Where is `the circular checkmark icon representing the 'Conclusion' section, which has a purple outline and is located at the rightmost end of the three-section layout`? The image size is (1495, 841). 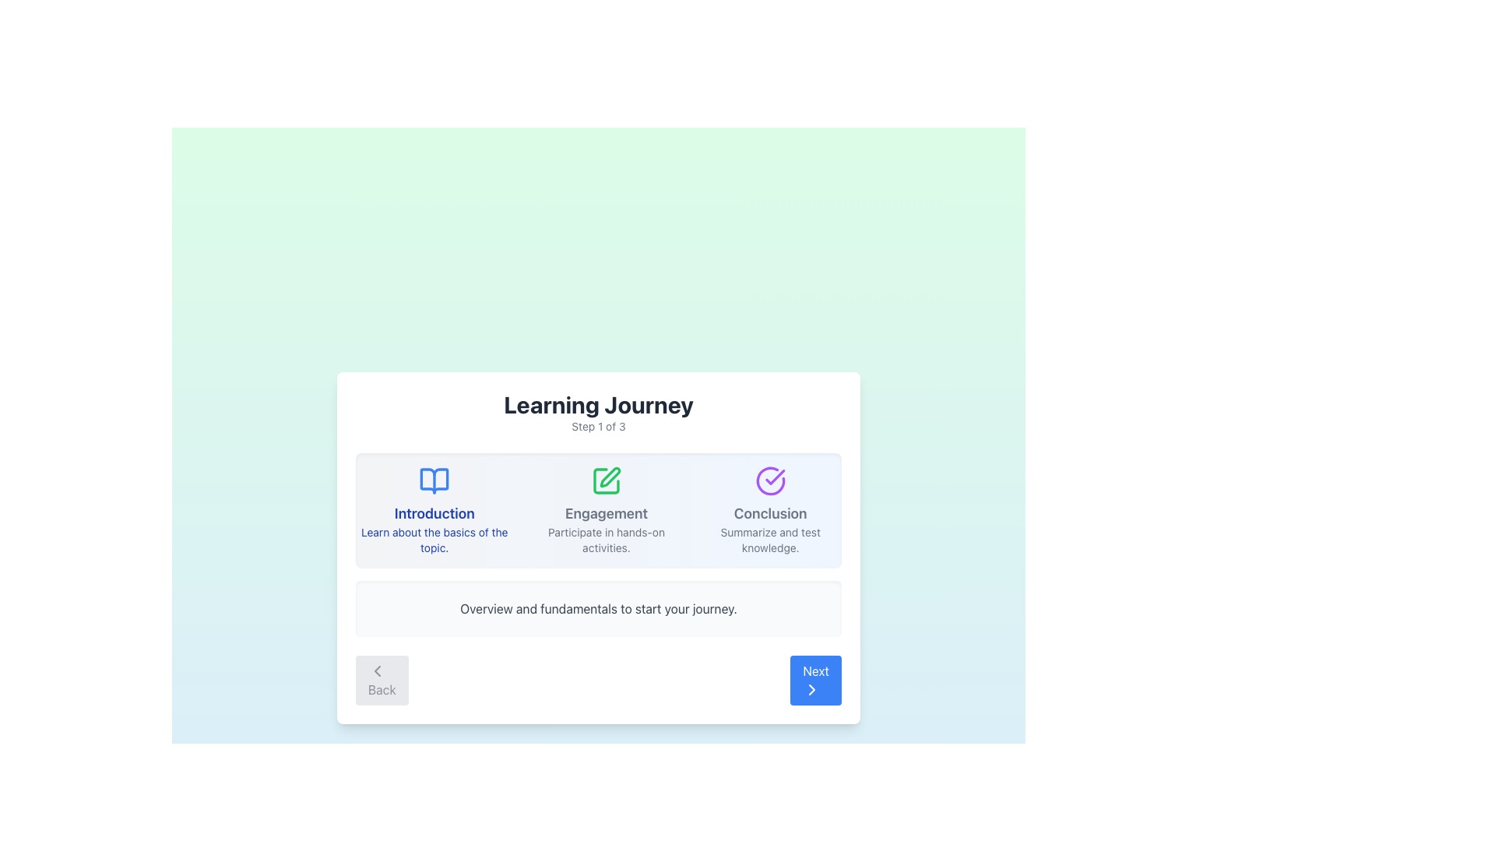 the circular checkmark icon representing the 'Conclusion' section, which has a purple outline and is located at the rightmost end of the three-section layout is located at coordinates (770, 480).